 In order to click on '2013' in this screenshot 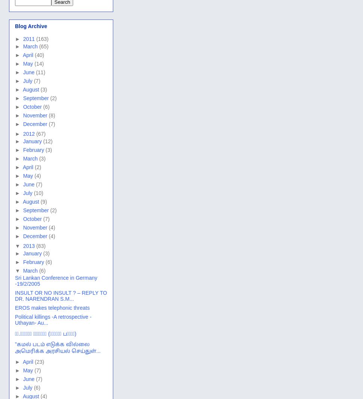, I will do `click(29, 246)`.